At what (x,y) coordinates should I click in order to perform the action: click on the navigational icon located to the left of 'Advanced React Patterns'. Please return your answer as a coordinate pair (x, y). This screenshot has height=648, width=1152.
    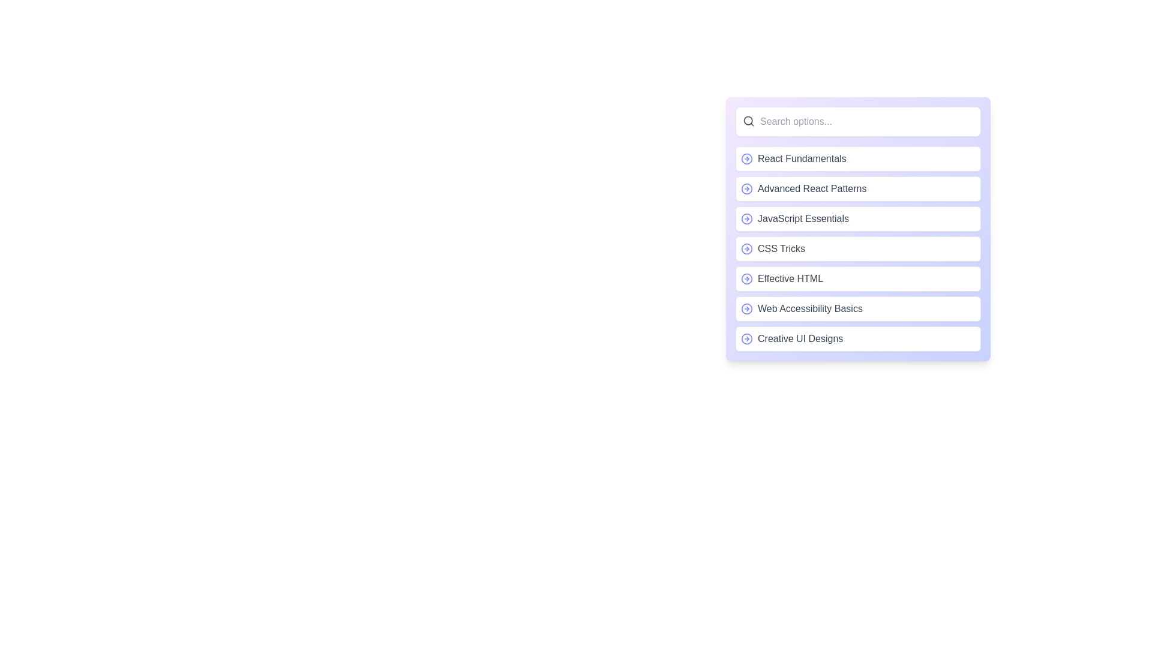
    Looking at the image, I should click on (746, 189).